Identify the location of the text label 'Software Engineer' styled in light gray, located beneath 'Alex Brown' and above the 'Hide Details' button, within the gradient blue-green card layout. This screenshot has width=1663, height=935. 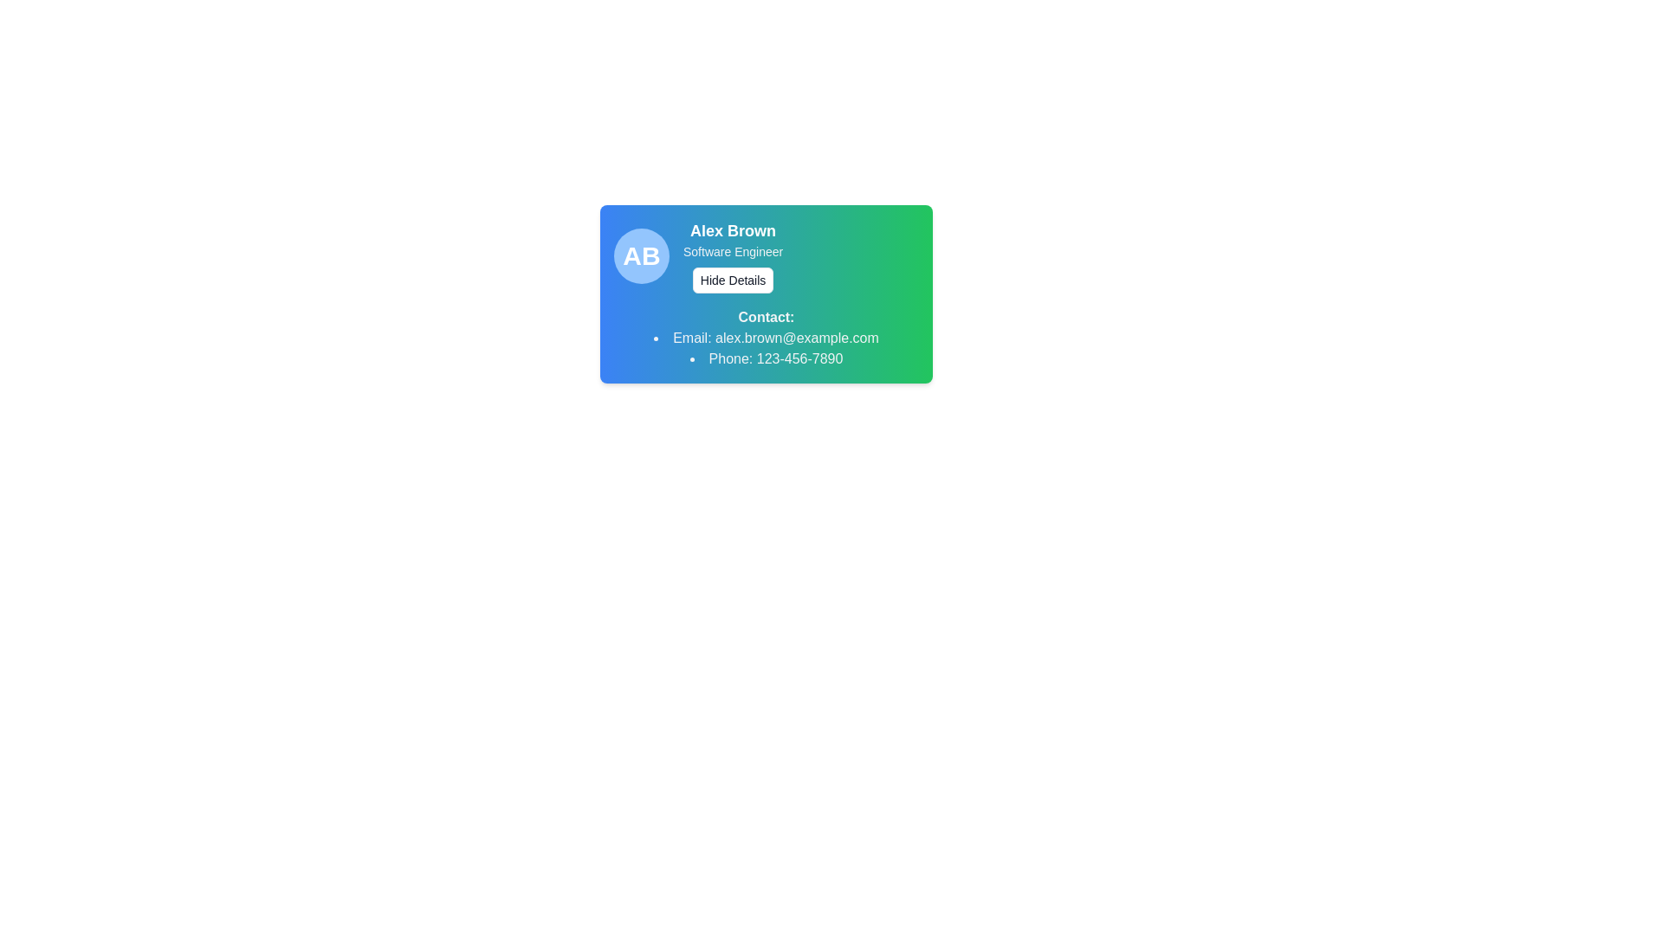
(733, 251).